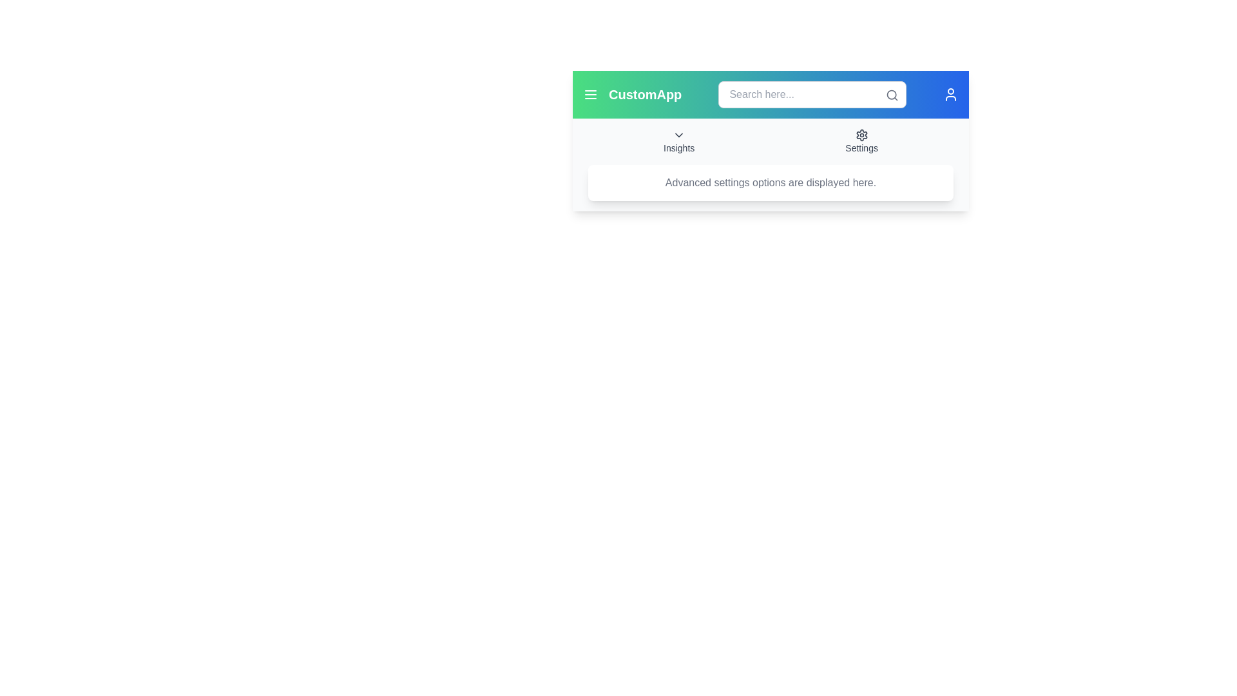 This screenshot has height=696, width=1237. Describe the element at coordinates (891, 94) in the screenshot. I see `central circular part of the search icon located in the top-right corner of the interface` at that location.